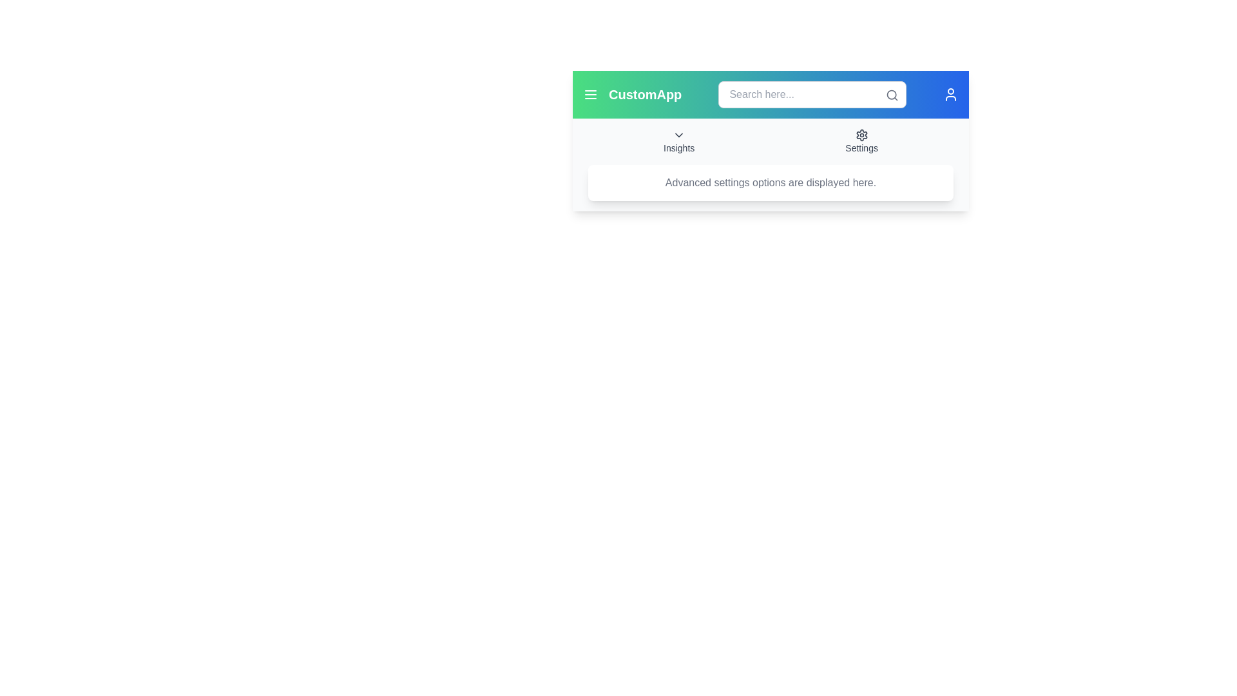 This screenshot has height=696, width=1237. Describe the element at coordinates (891, 94) in the screenshot. I see `central circular part of the search icon located in the top-right corner of the interface` at that location.